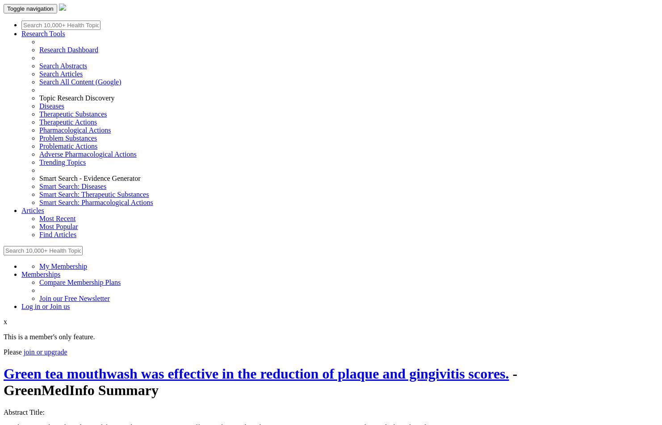 This screenshot has height=425, width=662. Describe the element at coordinates (80, 282) in the screenshot. I see `'Compare Membership Plans'` at that location.